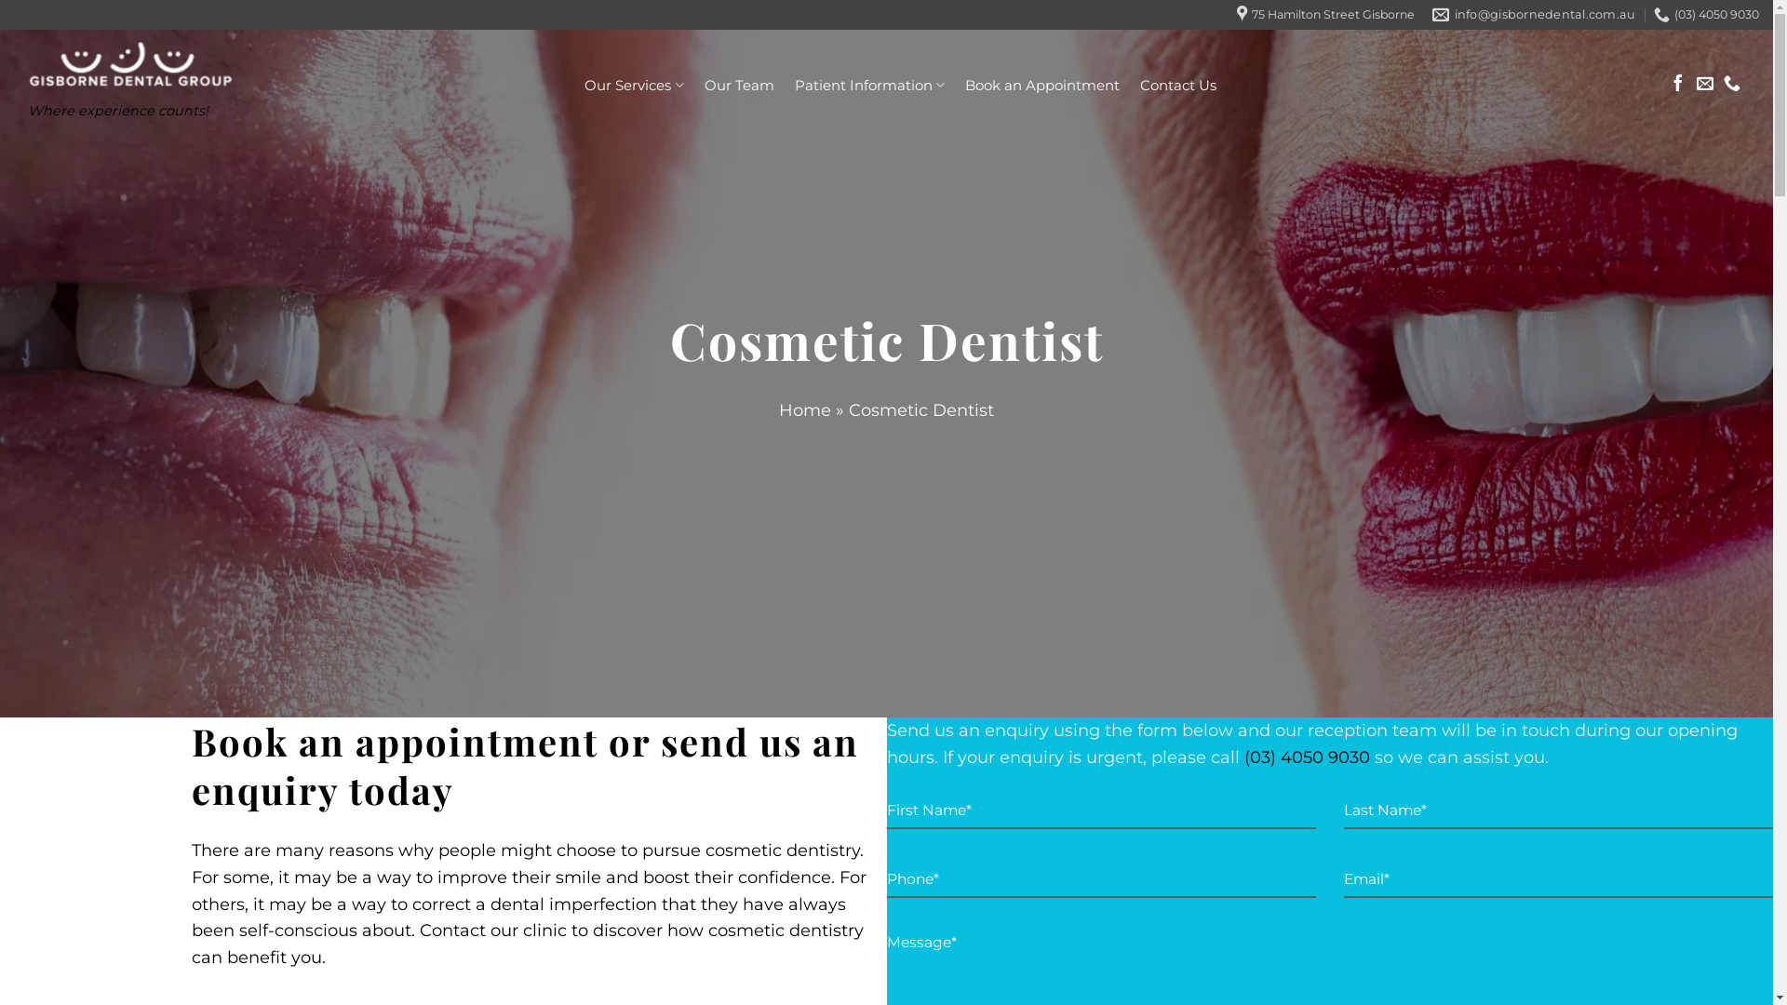  What do you see at coordinates (804, 409) in the screenshot?
I see `'Home'` at bounding box center [804, 409].